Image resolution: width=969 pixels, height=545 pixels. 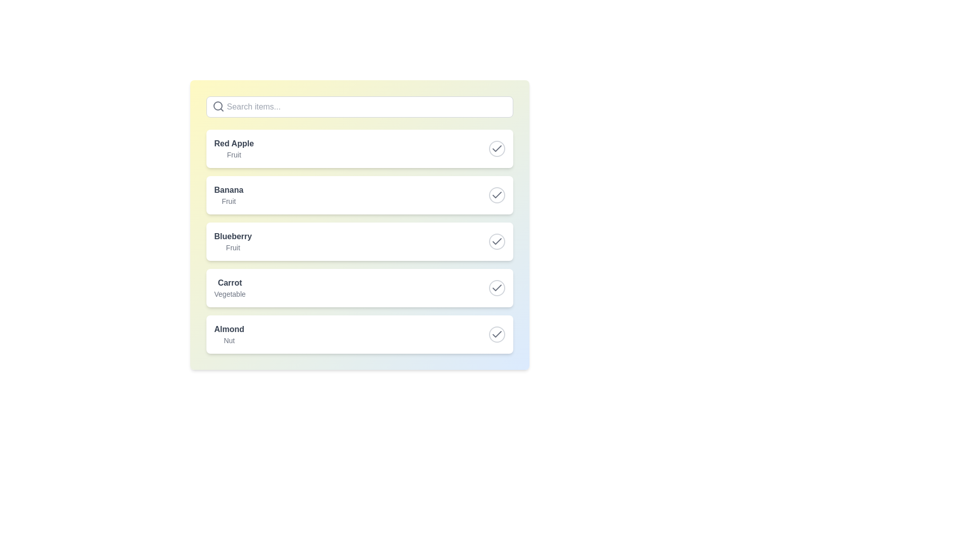 I want to click on the interactive button with a gray checkmark icon, located at the far right of the 'Carrot' list item, so click(x=497, y=288).